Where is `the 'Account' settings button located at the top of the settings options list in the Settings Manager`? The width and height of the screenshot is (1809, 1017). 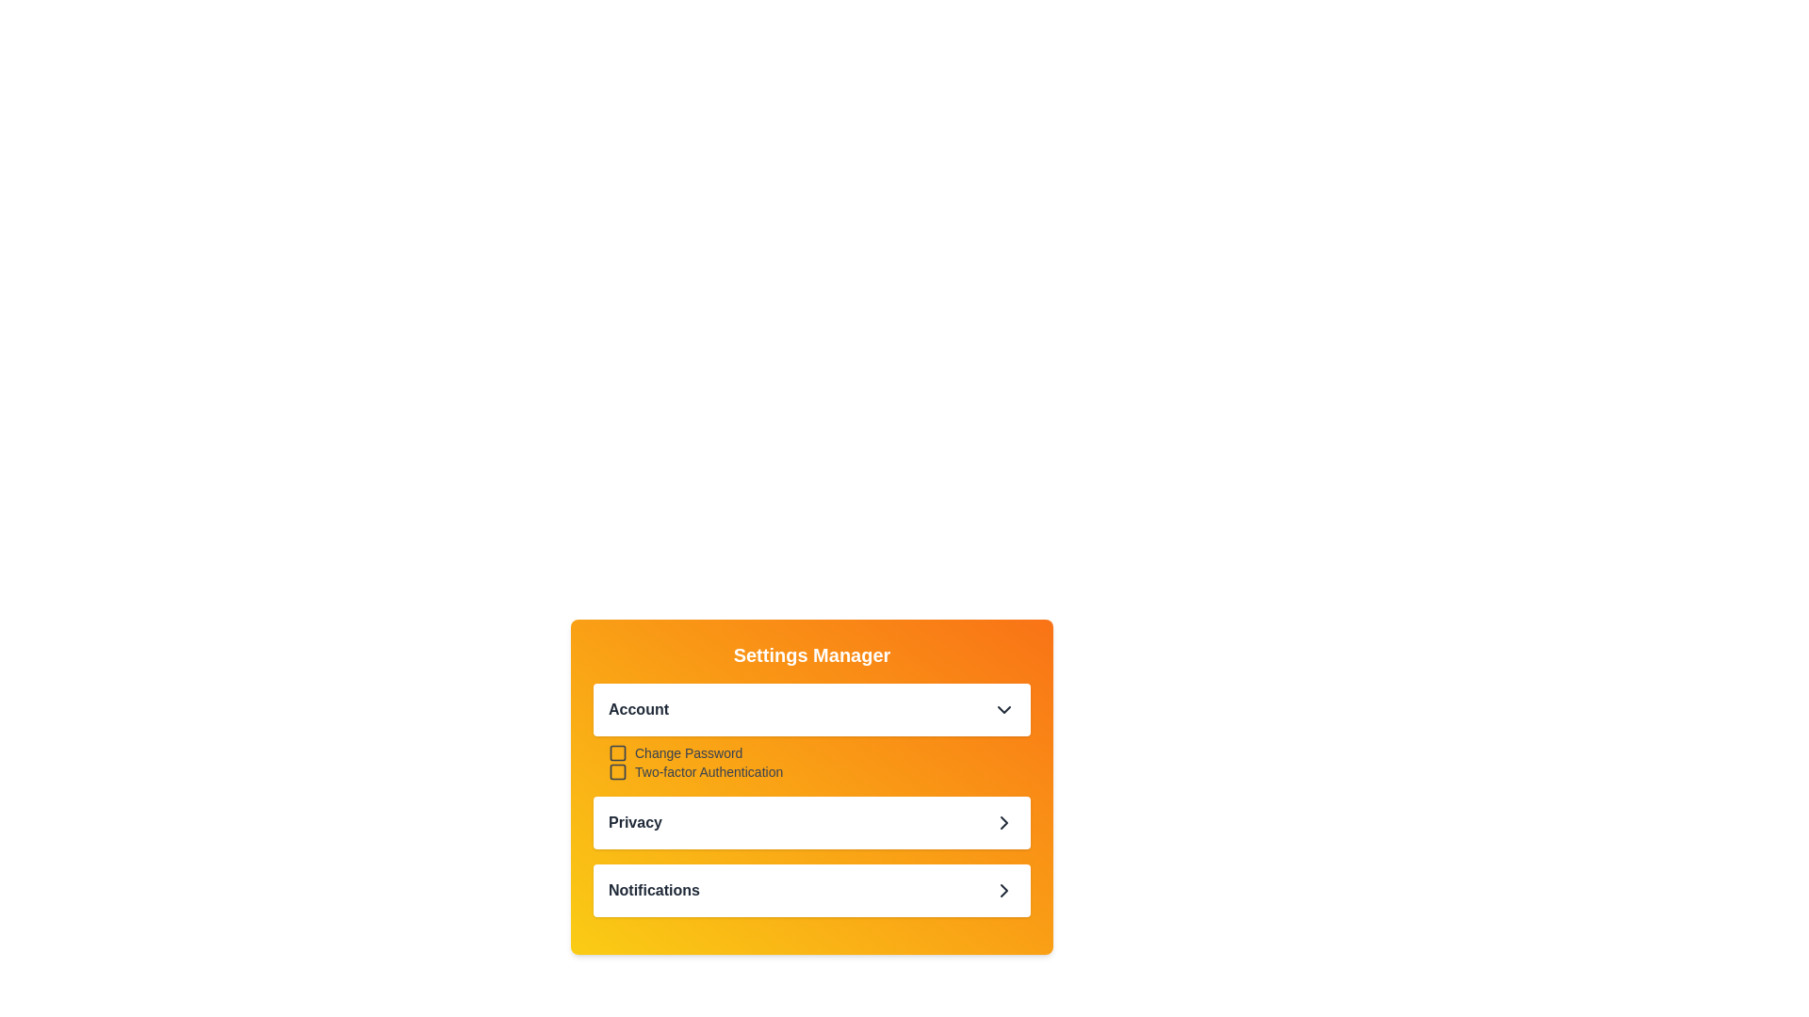
the 'Account' settings button located at the top of the settings options list in the Settings Manager is located at coordinates (812, 709).